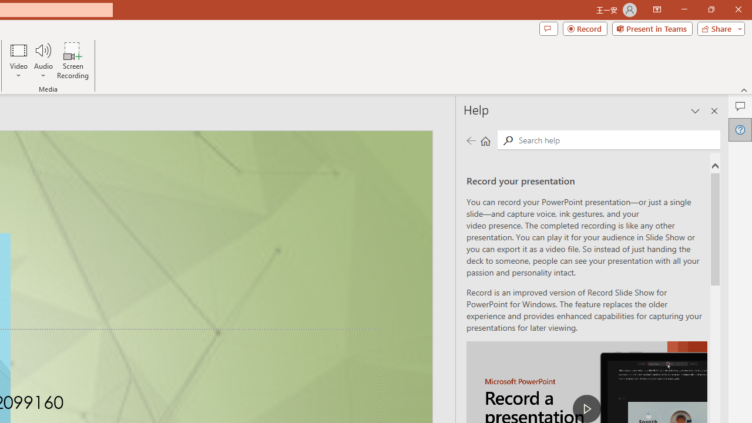 Image resolution: width=752 pixels, height=423 pixels. What do you see at coordinates (696, 111) in the screenshot?
I see `'Task Pane Options'` at bounding box center [696, 111].